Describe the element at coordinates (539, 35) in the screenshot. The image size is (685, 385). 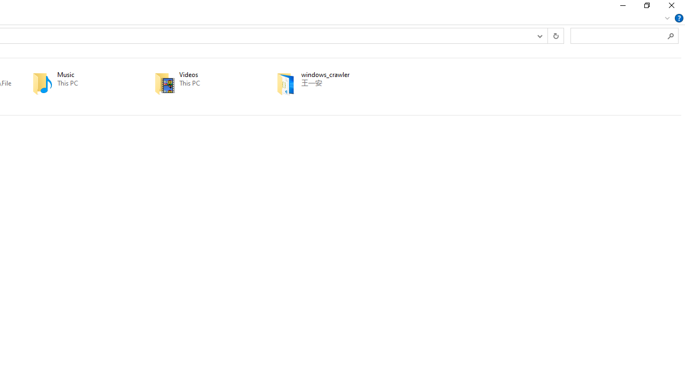
I see `'Previous Locations'` at that location.